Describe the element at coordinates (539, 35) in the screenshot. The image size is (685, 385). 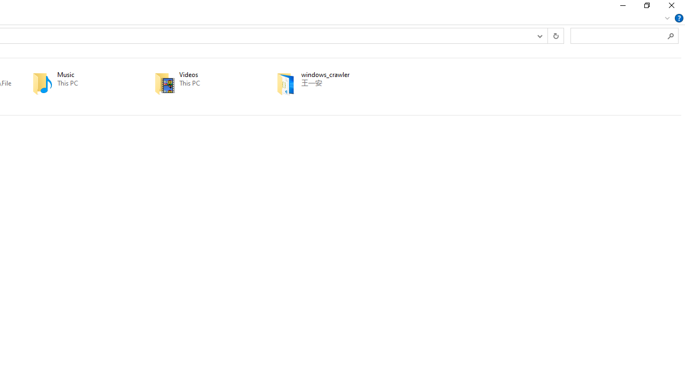
I see `'Previous Locations'` at that location.